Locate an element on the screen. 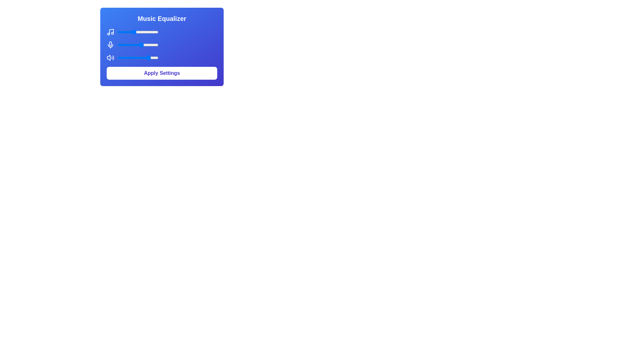  the microphone icon in the Music Equalizer interface is located at coordinates (111, 44).